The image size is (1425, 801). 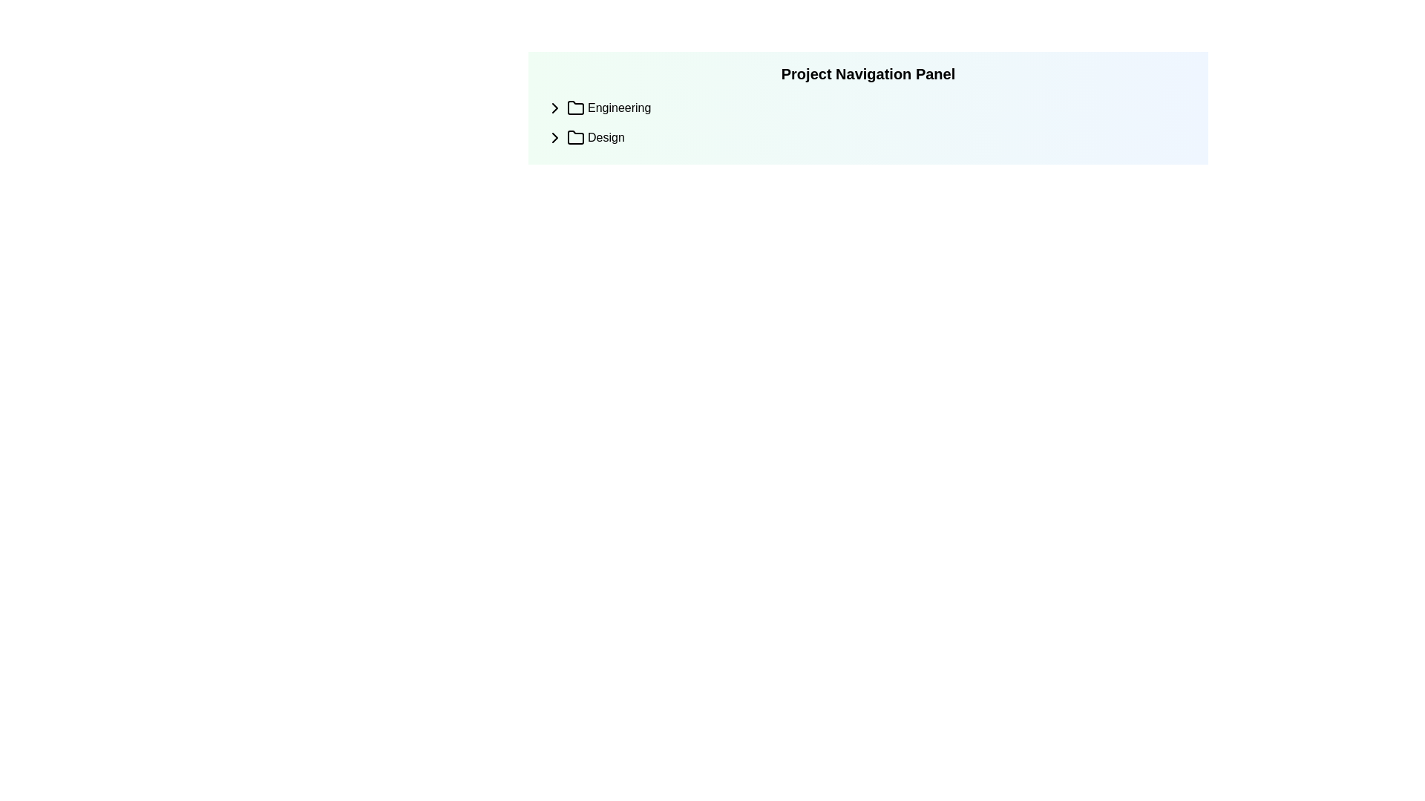 I want to click on the right-arrow icon (chevron shape) that is adjacent to the text labeled 'Design', so click(x=554, y=137).